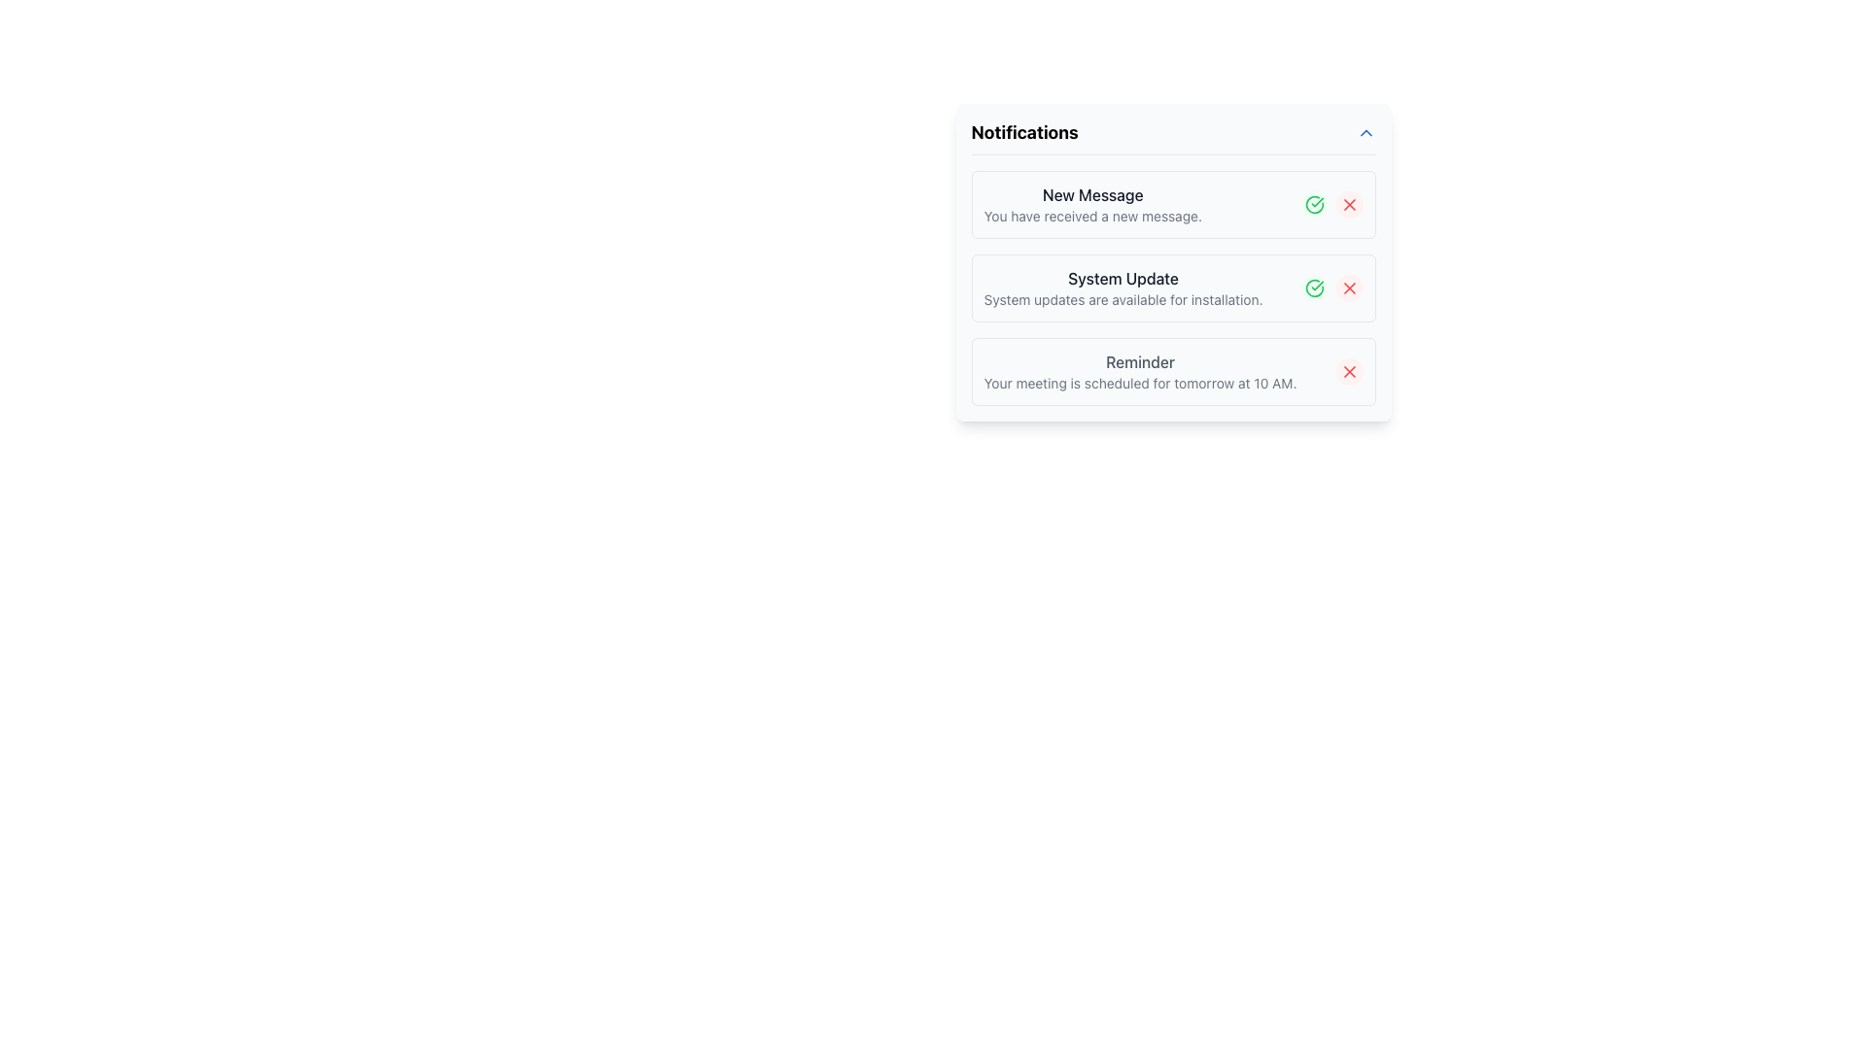  I want to click on the dismissal button located in the 'Reminder' row of the 'Notifications' section, positioned to the right of the meeting reminder text, so click(1348, 371).